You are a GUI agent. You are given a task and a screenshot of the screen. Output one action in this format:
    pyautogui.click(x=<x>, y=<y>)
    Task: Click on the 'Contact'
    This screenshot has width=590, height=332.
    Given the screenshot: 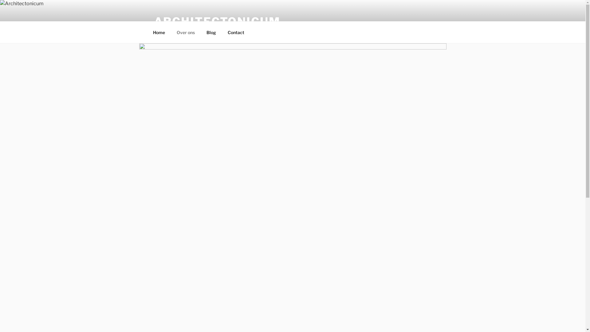 What is the action you would take?
    pyautogui.click(x=236, y=32)
    